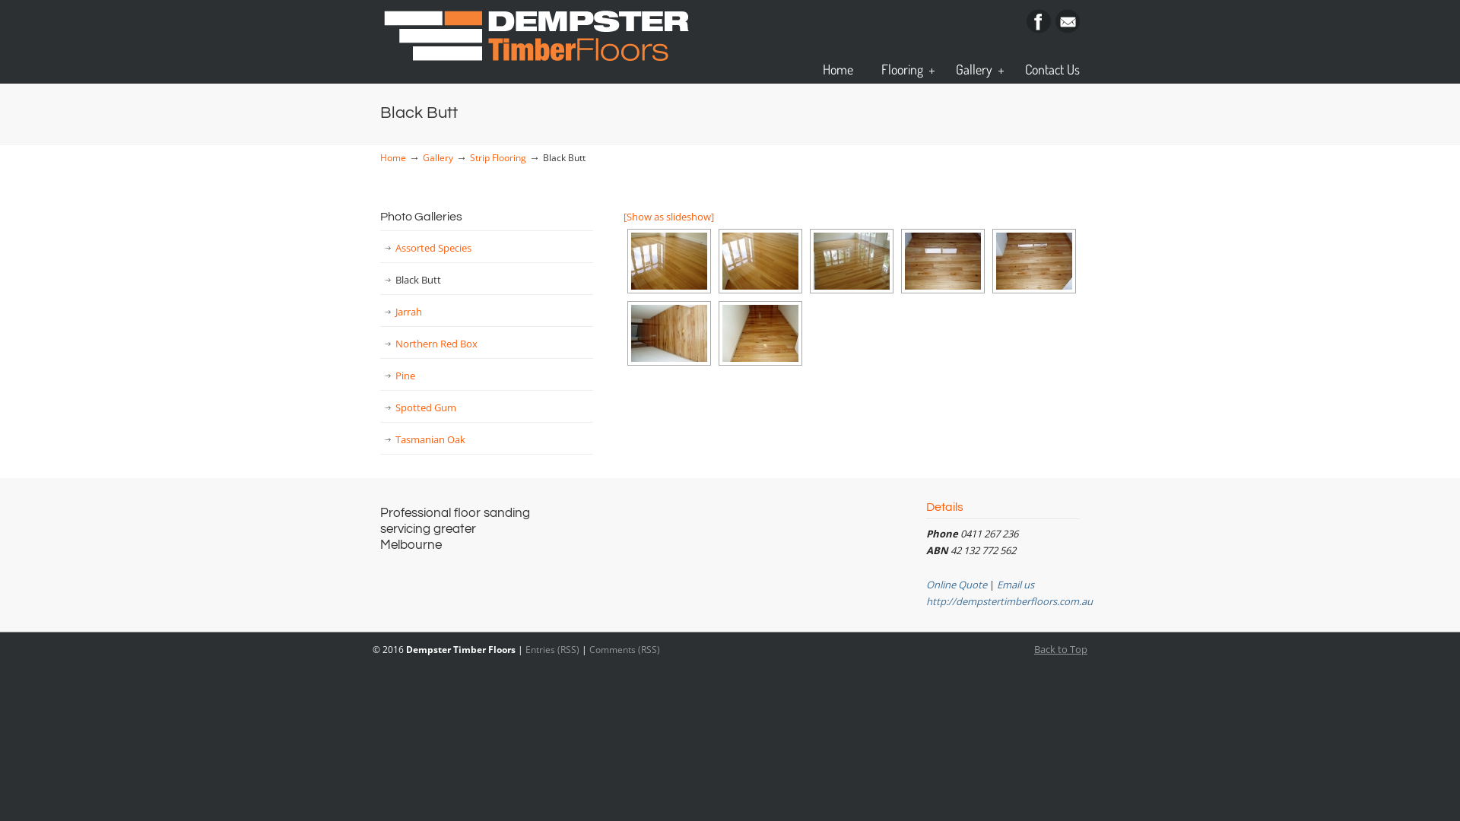 This screenshot has height=821, width=1460. Describe the element at coordinates (485, 407) in the screenshot. I see `'Spotted Gum'` at that location.